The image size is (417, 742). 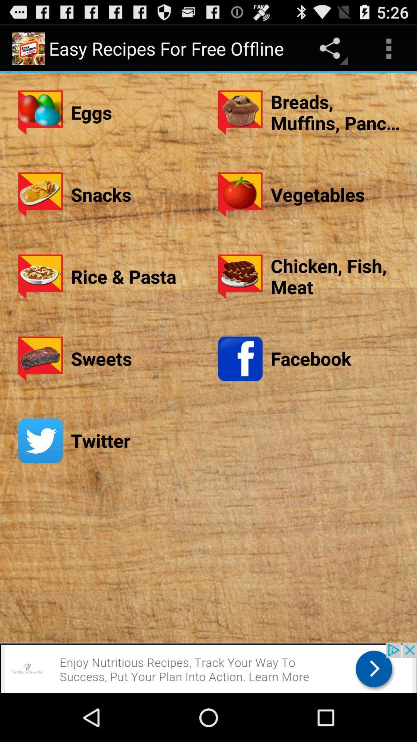 I want to click on advertisement, so click(x=208, y=667).